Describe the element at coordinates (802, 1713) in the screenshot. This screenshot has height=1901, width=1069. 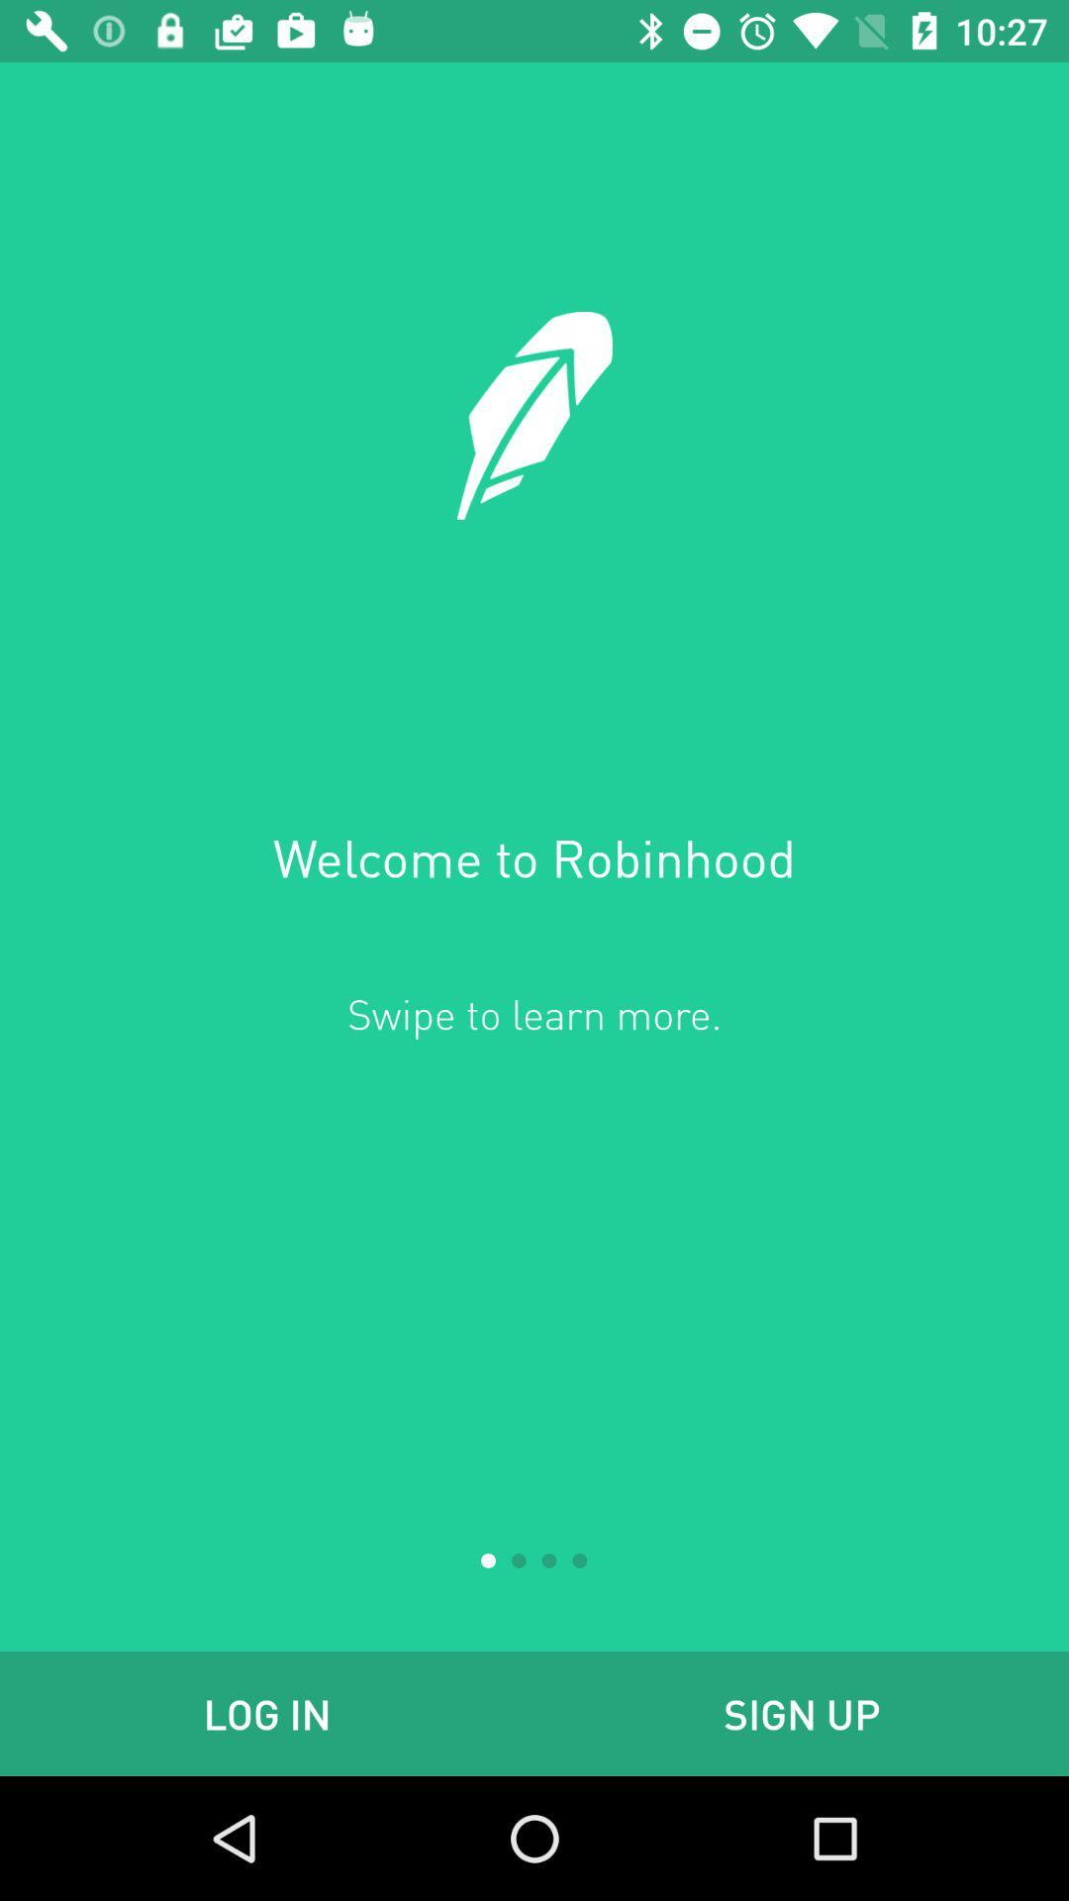
I see `the icon to the right of log in` at that location.